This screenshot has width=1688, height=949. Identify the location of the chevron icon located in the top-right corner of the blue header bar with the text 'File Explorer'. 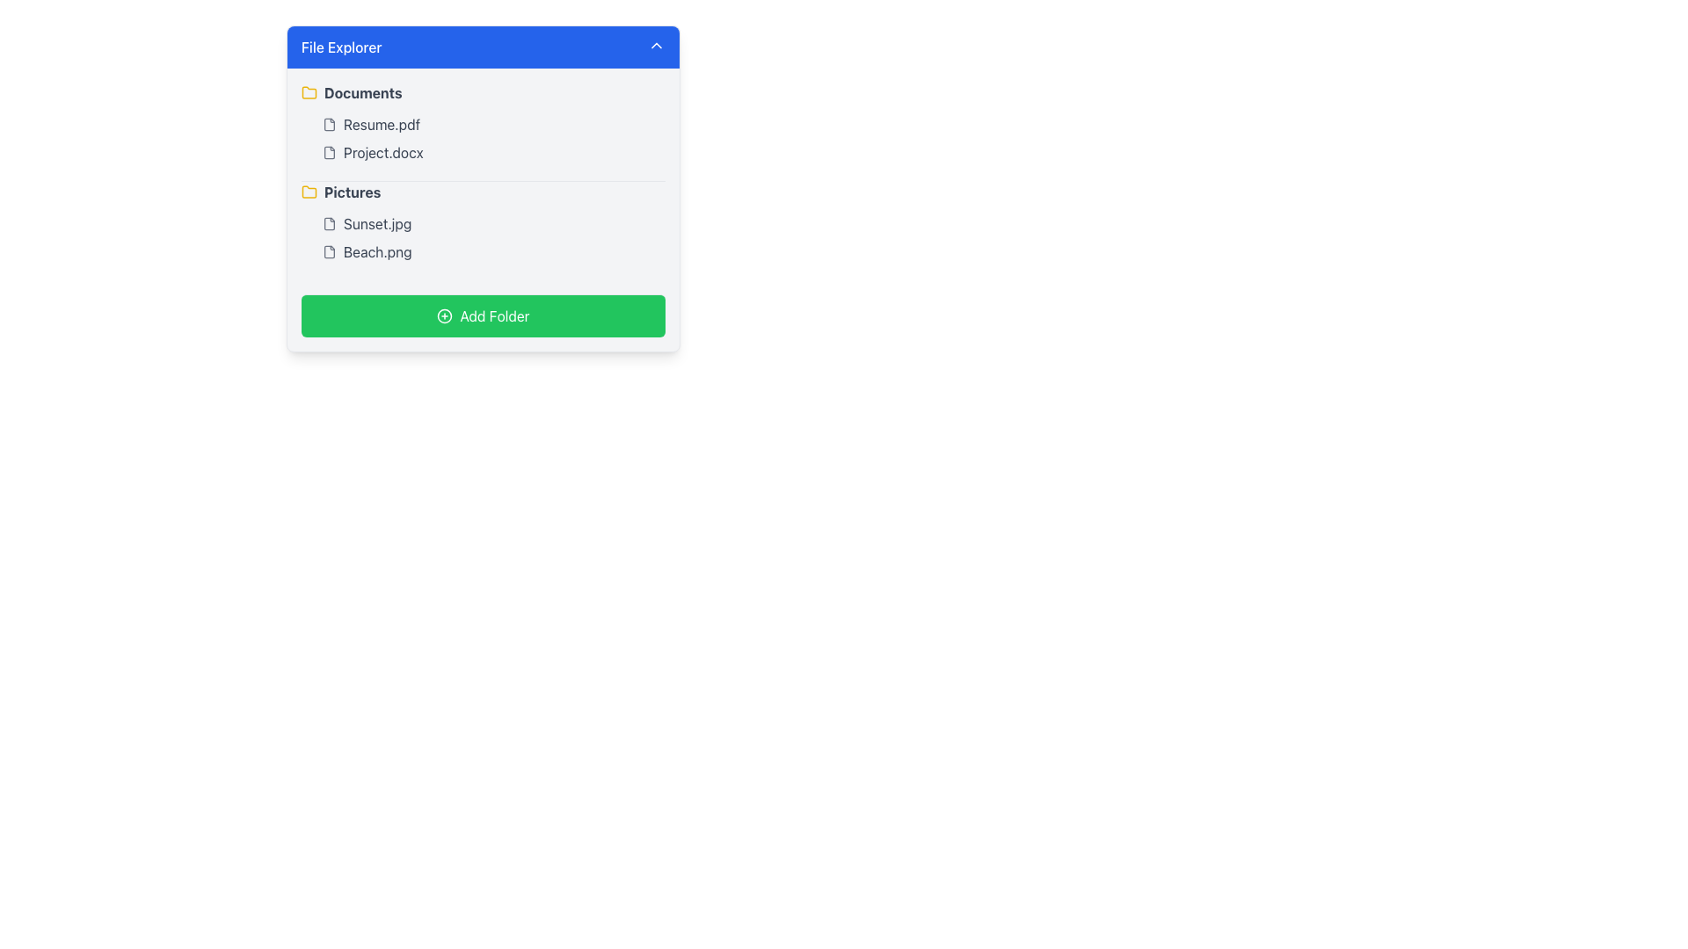
(656, 44).